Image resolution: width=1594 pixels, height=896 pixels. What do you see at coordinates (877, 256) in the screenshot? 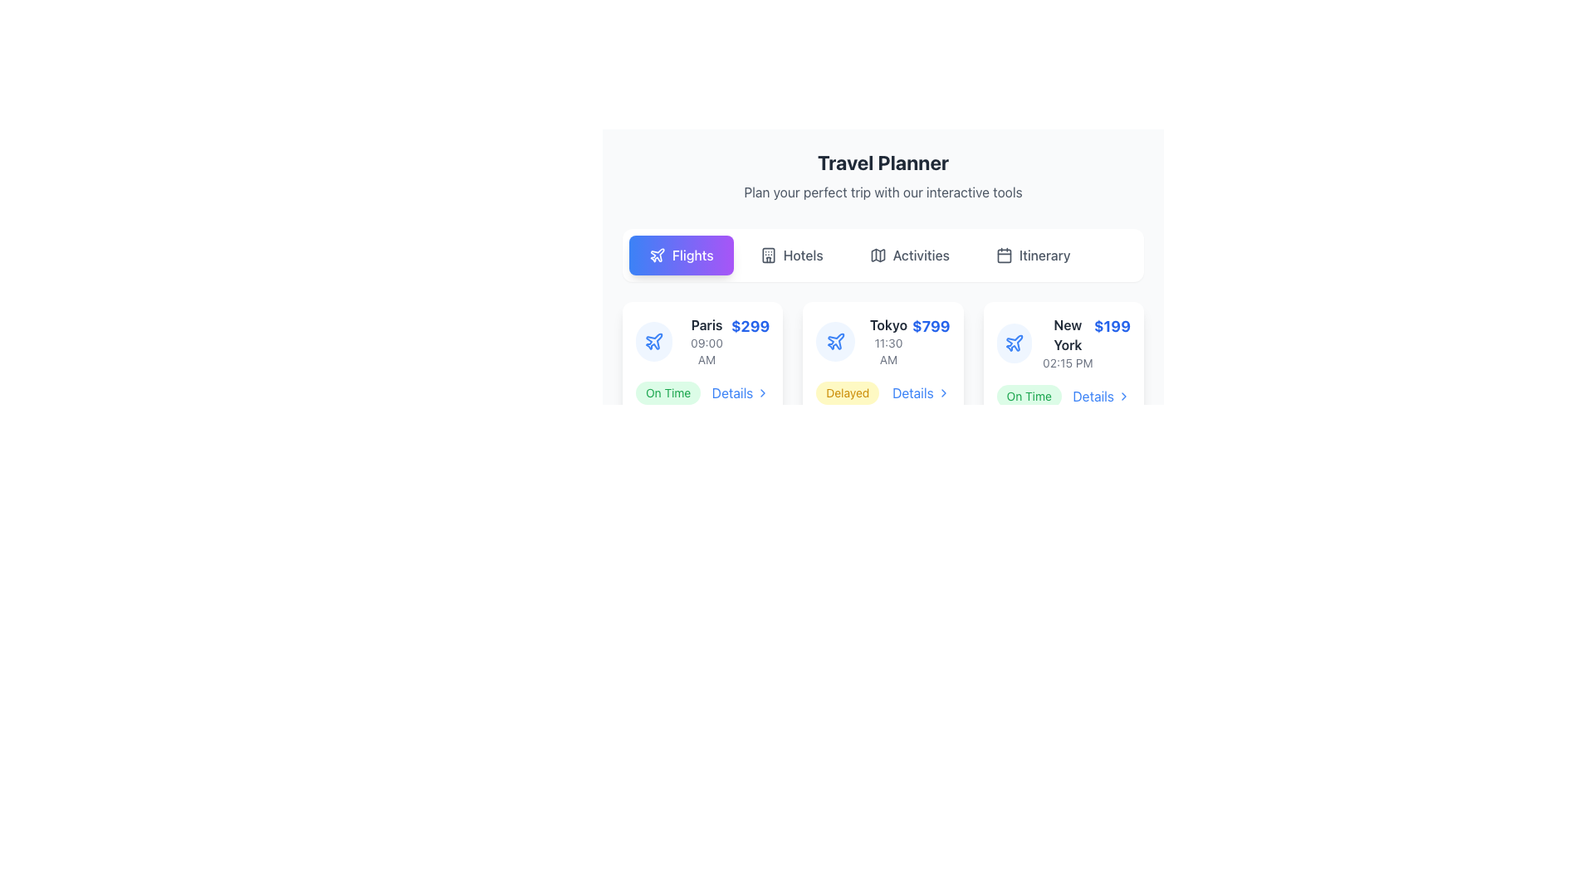
I see `the map icon located on the navigation bar, which represents 'Activities'` at bounding box center [877, 256].